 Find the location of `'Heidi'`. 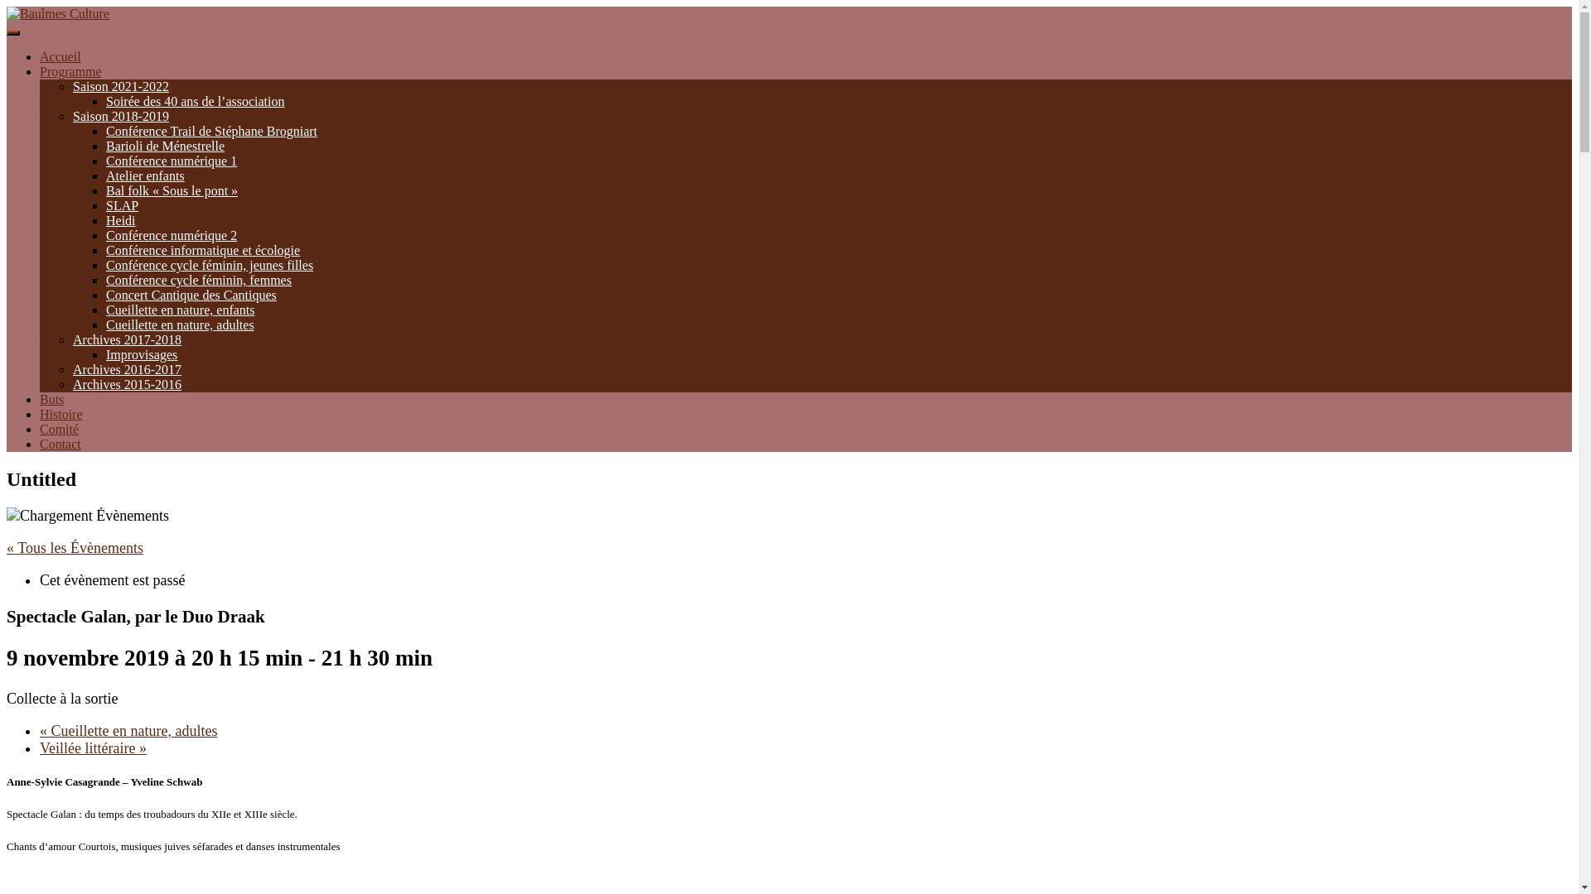

'Heidi' is located at coordinates (119, 219).